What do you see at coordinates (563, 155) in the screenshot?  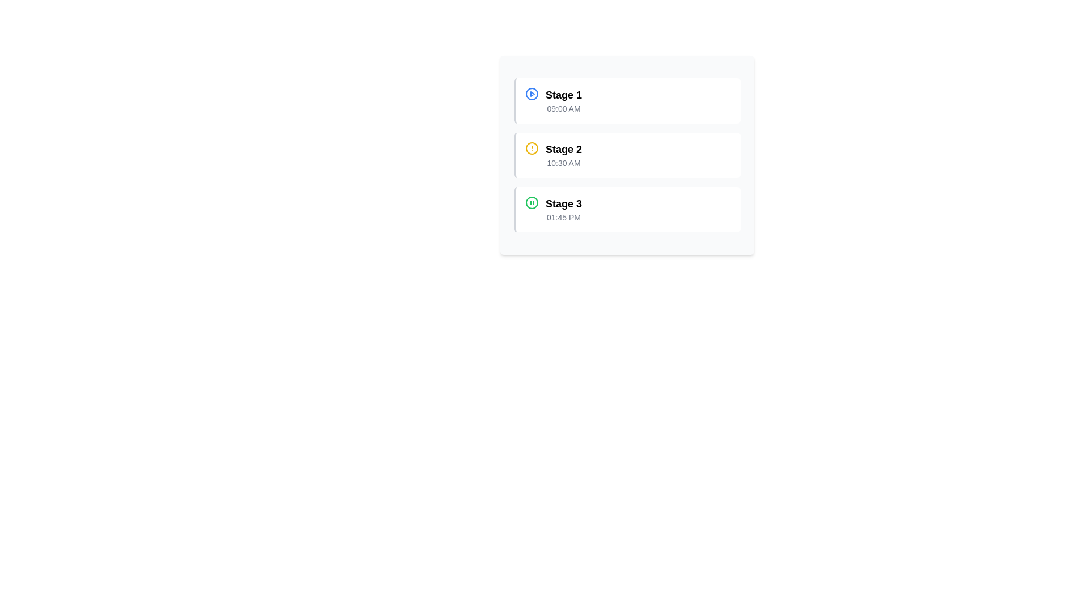 I see `the 'Stage 2' Grouped Text Label` at bounding box center [563, 155].